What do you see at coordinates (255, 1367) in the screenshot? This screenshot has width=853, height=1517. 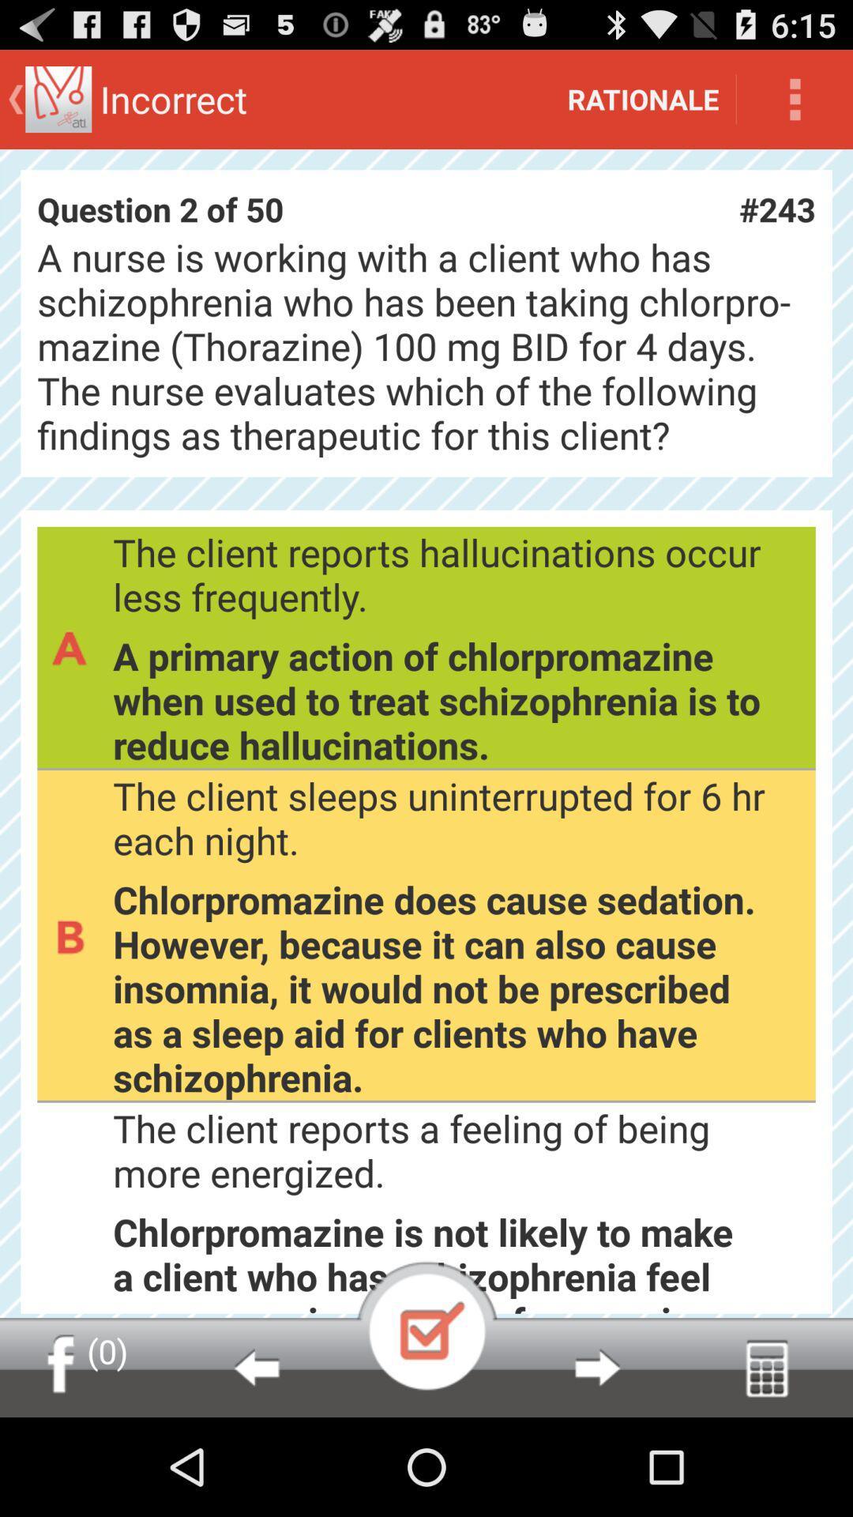 I see `the app next to the (0)` at bounding box center [255, 1367].